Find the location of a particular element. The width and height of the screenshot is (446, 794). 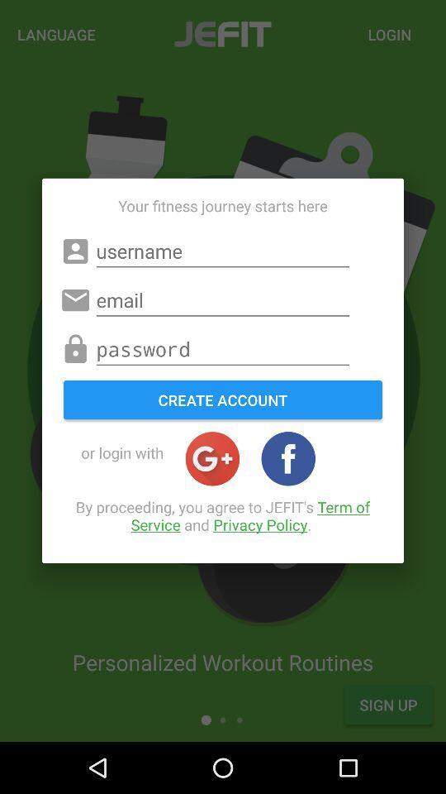

share to facebook is located at coordinates (287, 458).